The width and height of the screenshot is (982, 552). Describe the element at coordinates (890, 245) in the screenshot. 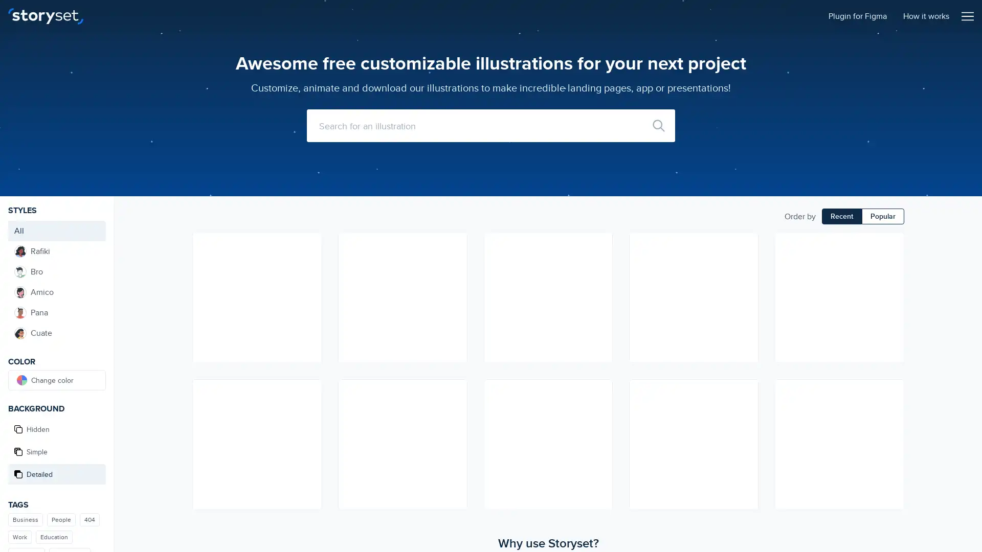

I see `wand icon Animate` at that location.